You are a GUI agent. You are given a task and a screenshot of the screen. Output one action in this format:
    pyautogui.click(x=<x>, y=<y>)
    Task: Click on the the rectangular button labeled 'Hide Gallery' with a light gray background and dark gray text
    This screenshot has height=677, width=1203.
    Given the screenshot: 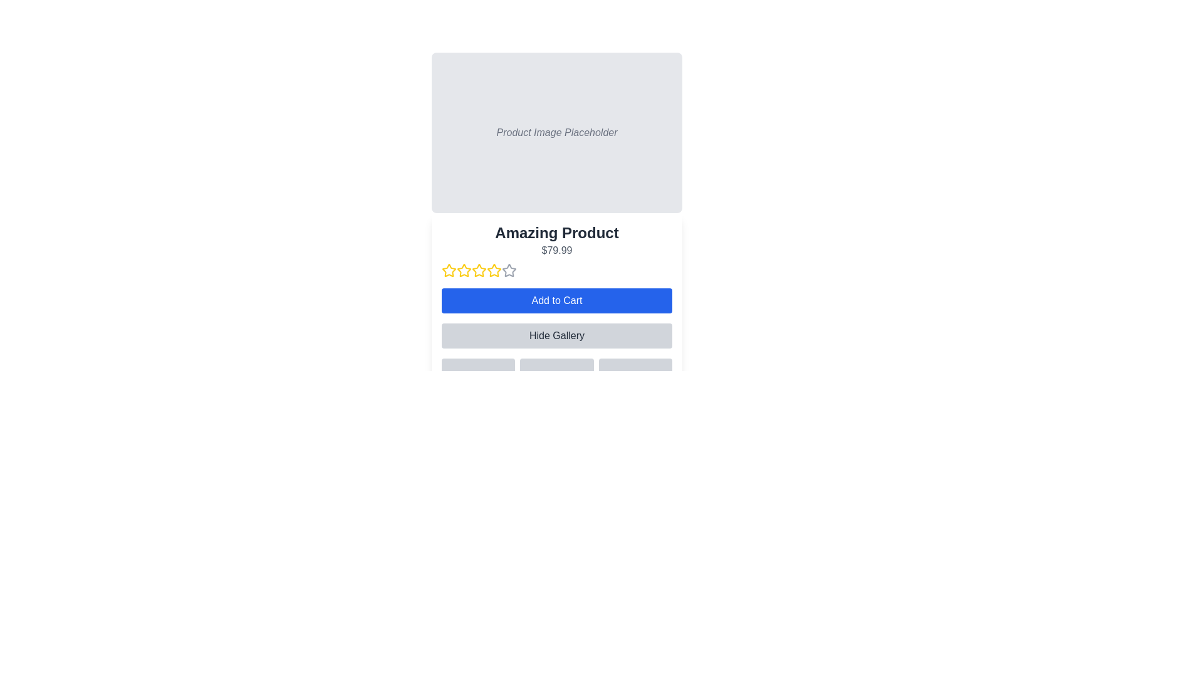 What is the action you would take?
    pyautogui.click(x=556, y=335)
    